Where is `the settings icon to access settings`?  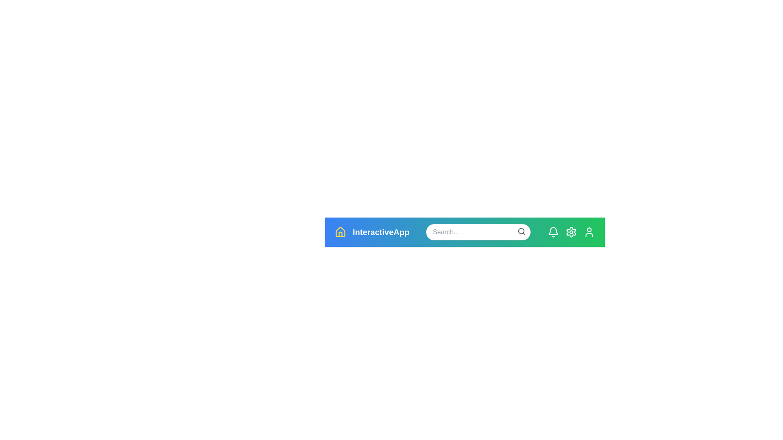 the settings icon to access settings is located at coordinates (571, 232).